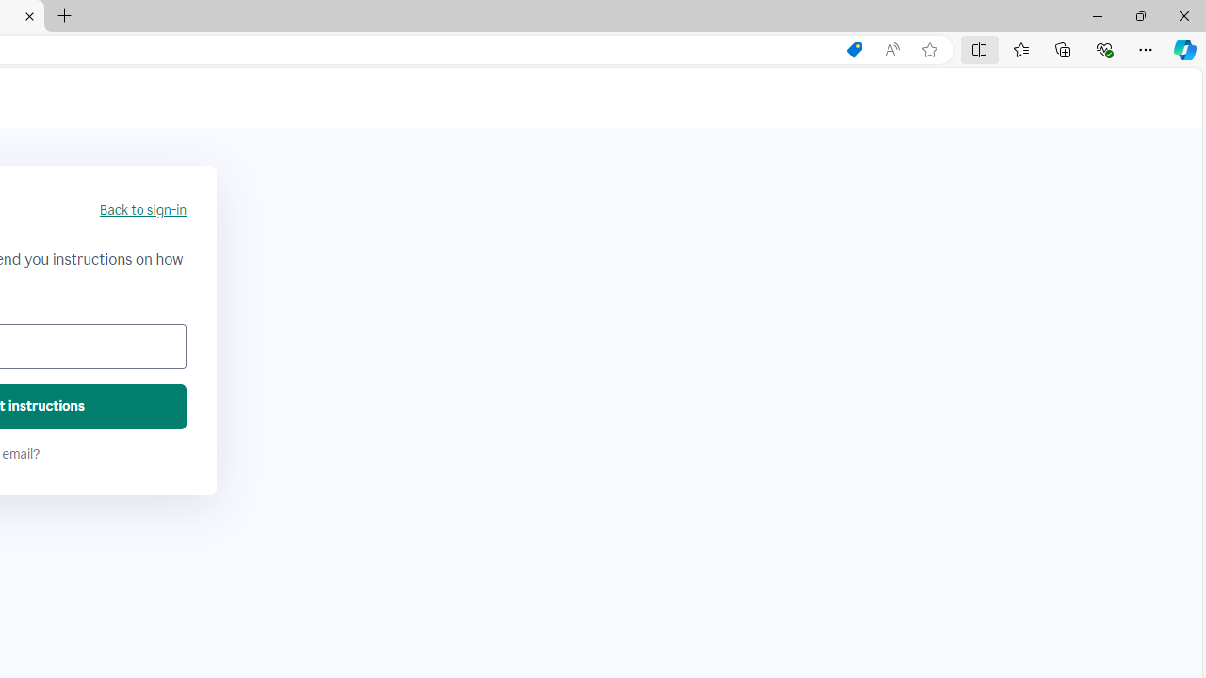 The image size is (1206, 678). I want to click on 'Back to sign-in', so click(141, 210).